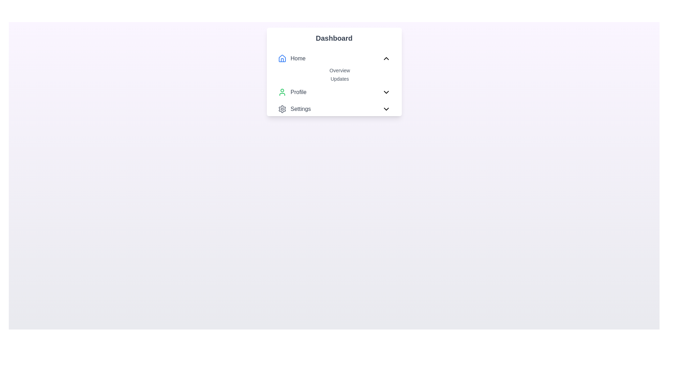 This screenshot has height=379, width=675. I want to click on the 'Overview' text label which provides access to an overview section or content within the dropdown menu located below the 'Home' section, so click(340, 70).